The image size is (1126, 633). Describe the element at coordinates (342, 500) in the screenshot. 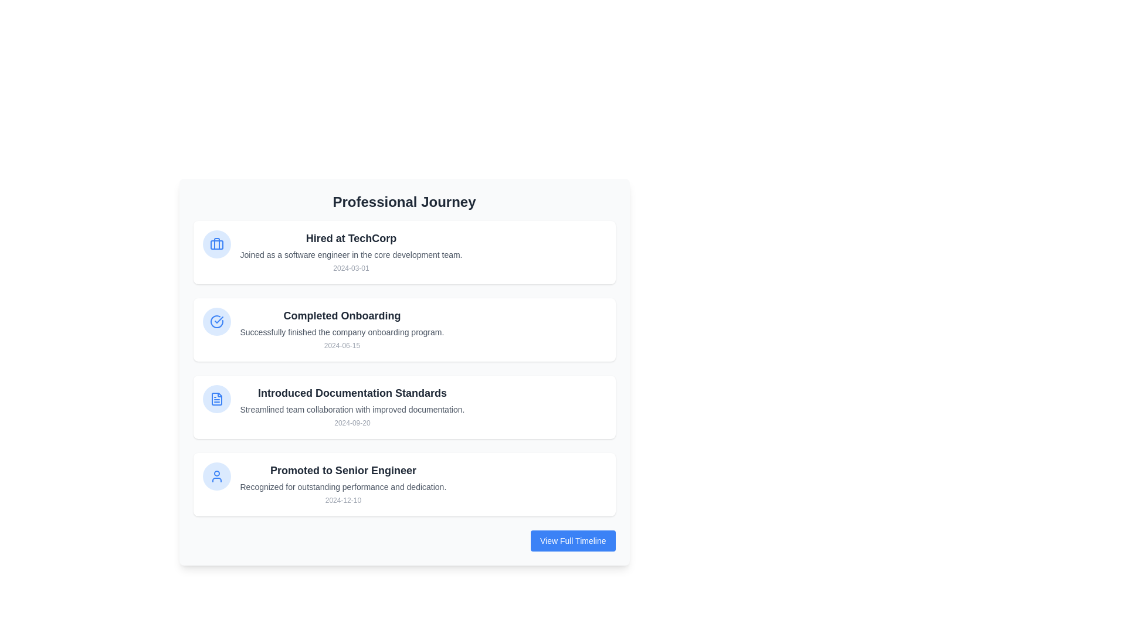

I see `the static text label displaying the promotion event date located at the bottom right of the 'Promoted to Senior Engineer' entry` at that location.